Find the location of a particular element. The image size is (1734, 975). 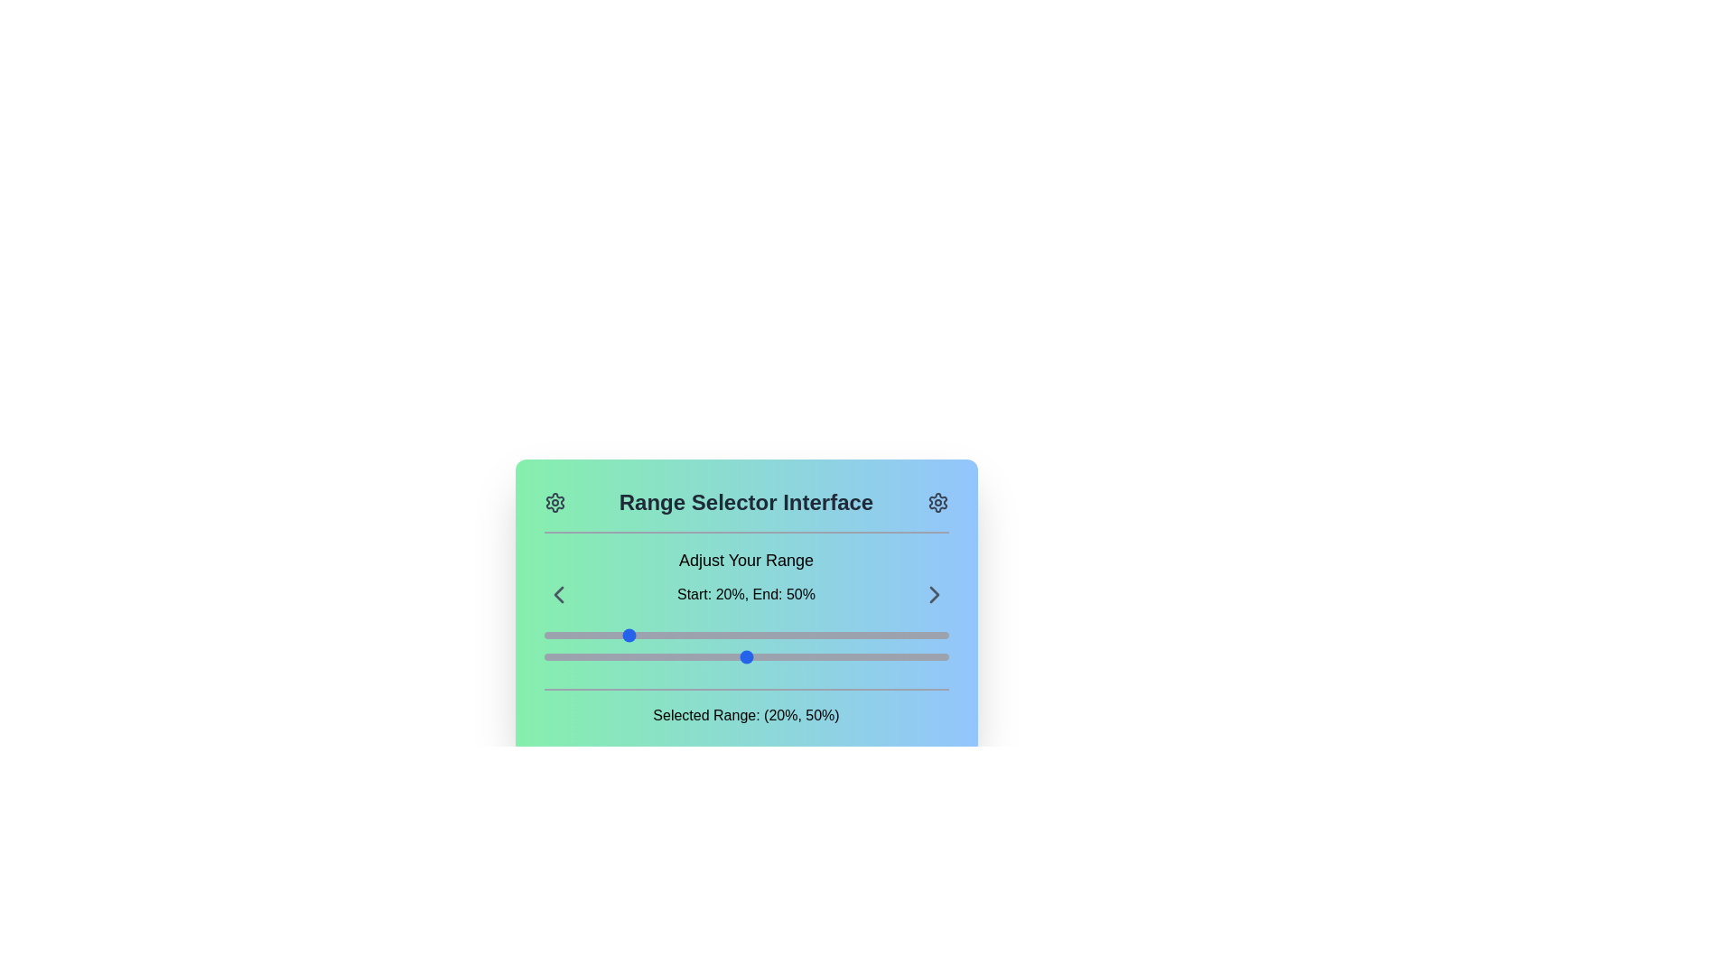

the slider is located at coordinates (888, 635).